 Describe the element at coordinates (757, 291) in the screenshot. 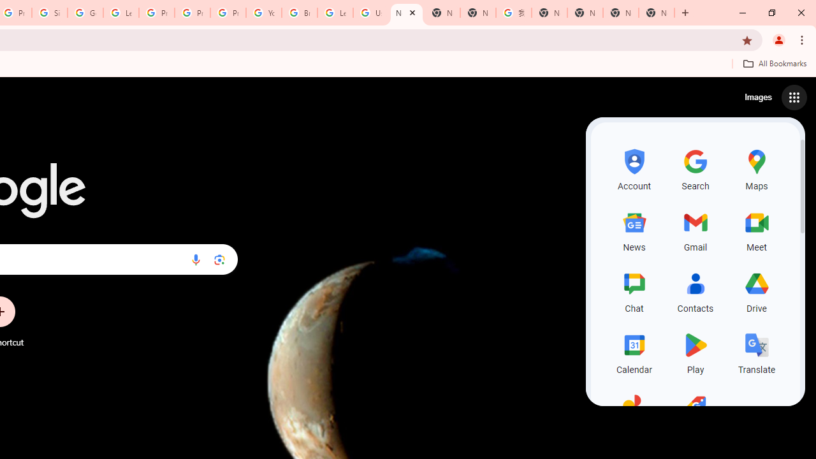

I see `'Drive, row 3 of 5 and column 3 of 3 in the first section'` at that location.